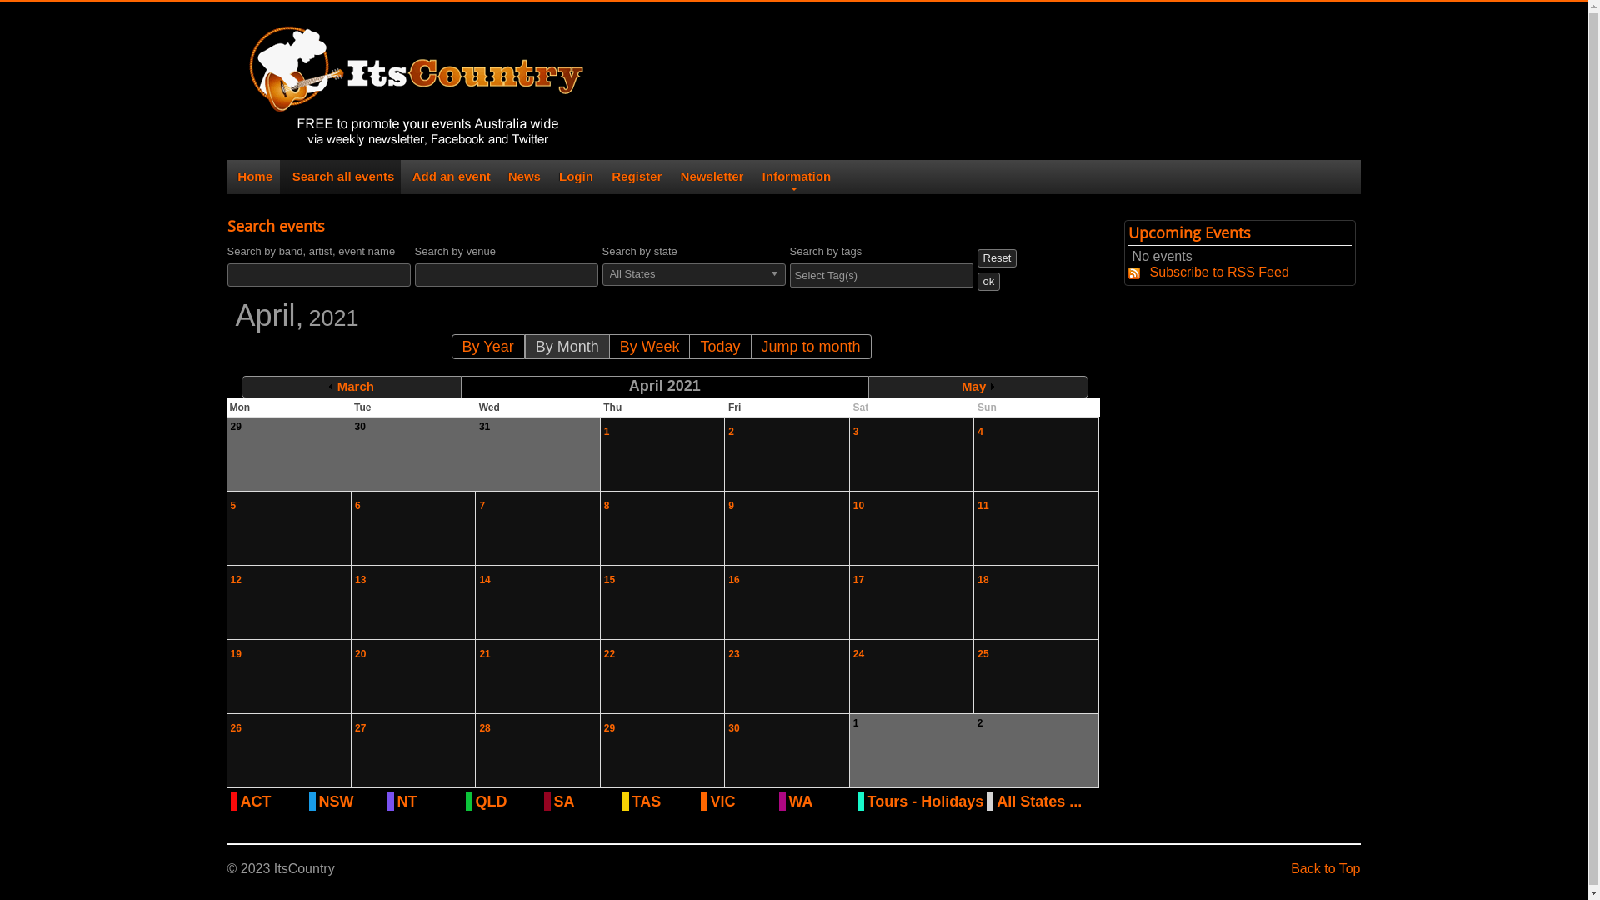 This screenshot has width=1600, height=900. Describe the element at coordinates (1208, 271) in the screenshot. I see `'Subscribe to RSS Feed'` at that location.